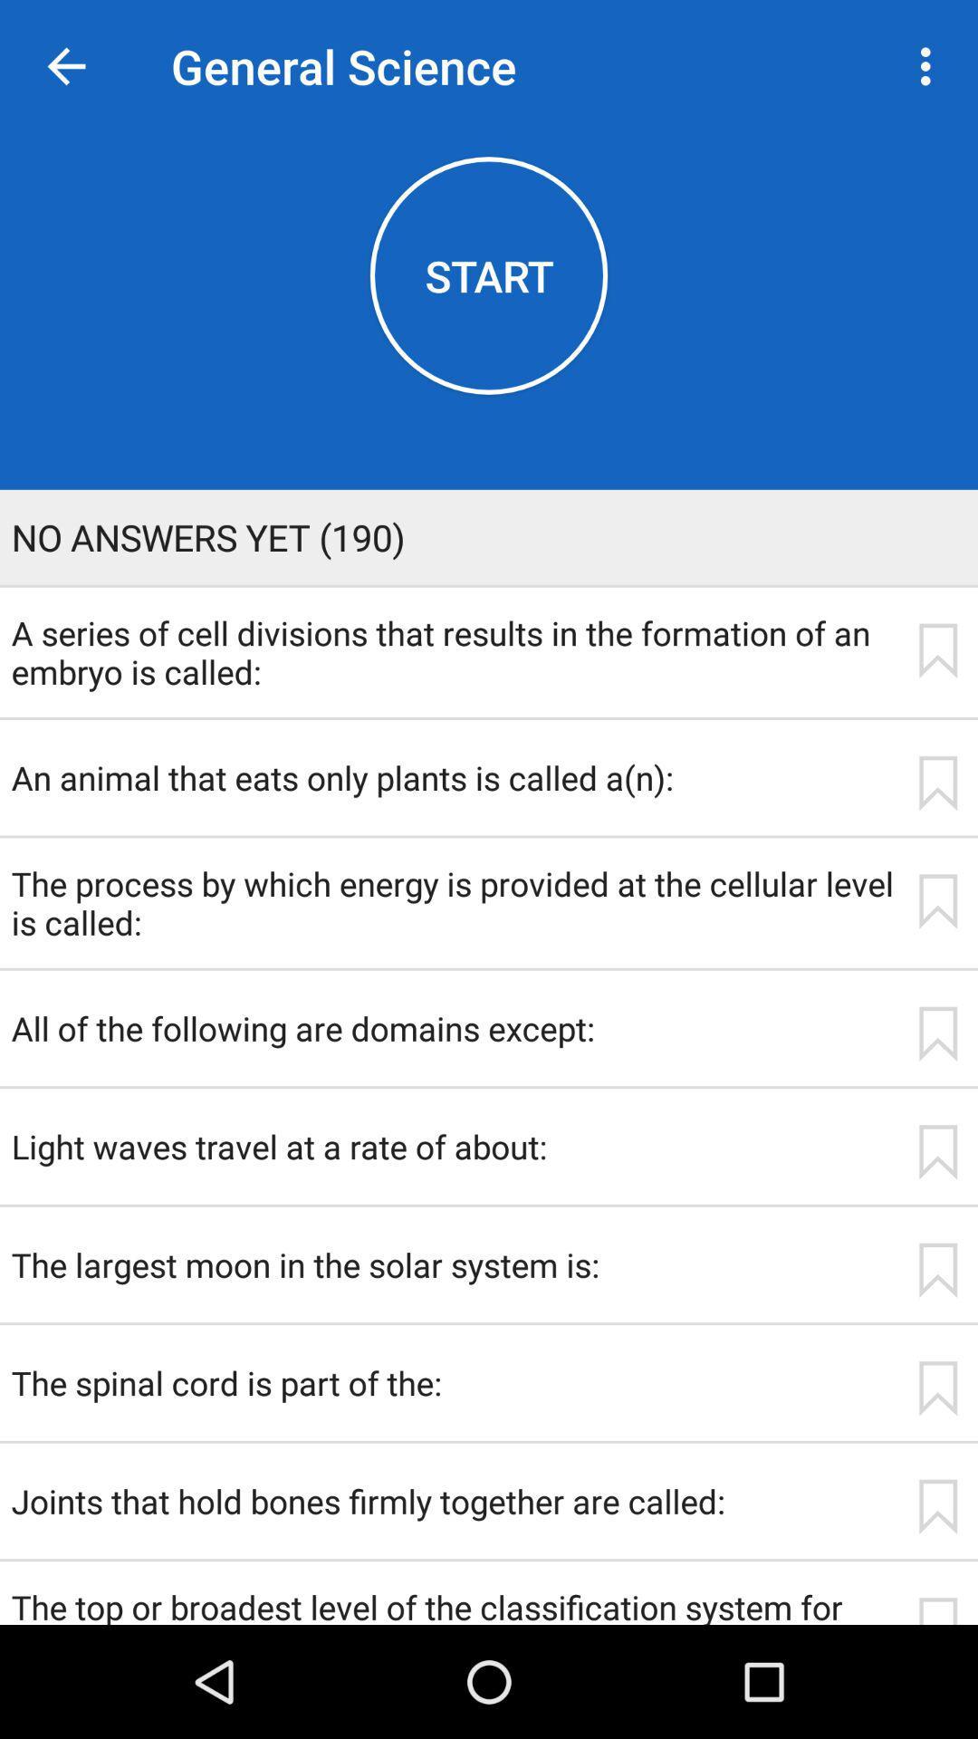 The height and width of the screenshot is (1739, 978). What do you see at coordinates (937, 1151) in the screenshot?
I see `app next to light waves travel icon` at bounding box center [937, 1151].